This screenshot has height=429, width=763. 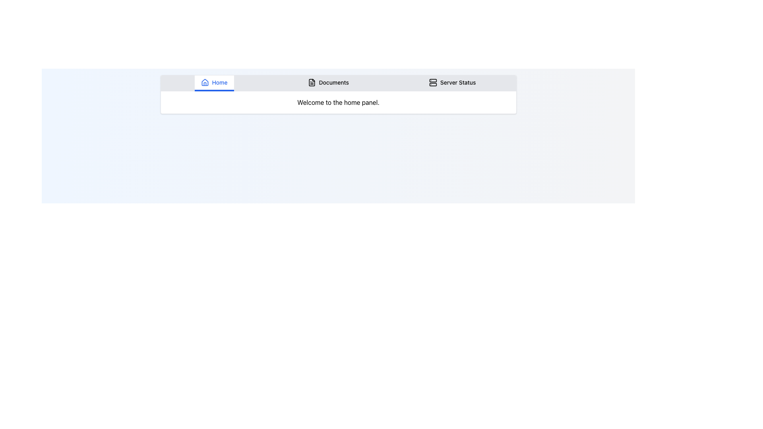 I want to click on the 'Documents' button in the navigation bar to trigger a visual change, which includes a background color change to blue and text color change to blue, so click(x=328, y=83).